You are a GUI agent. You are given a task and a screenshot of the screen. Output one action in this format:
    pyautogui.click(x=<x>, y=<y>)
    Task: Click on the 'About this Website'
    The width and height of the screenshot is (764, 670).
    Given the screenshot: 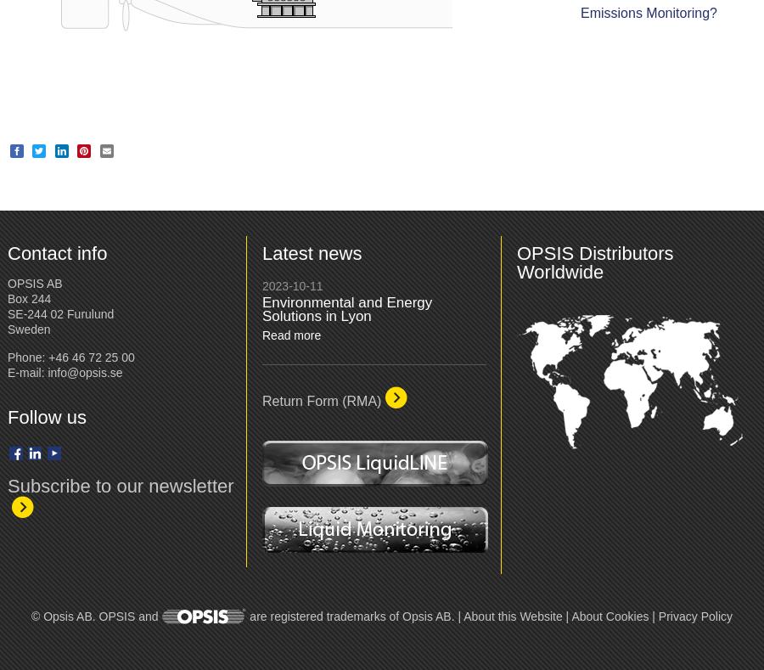 What is the action you would take?
    pyautogui.click(x=512, y=616)
    